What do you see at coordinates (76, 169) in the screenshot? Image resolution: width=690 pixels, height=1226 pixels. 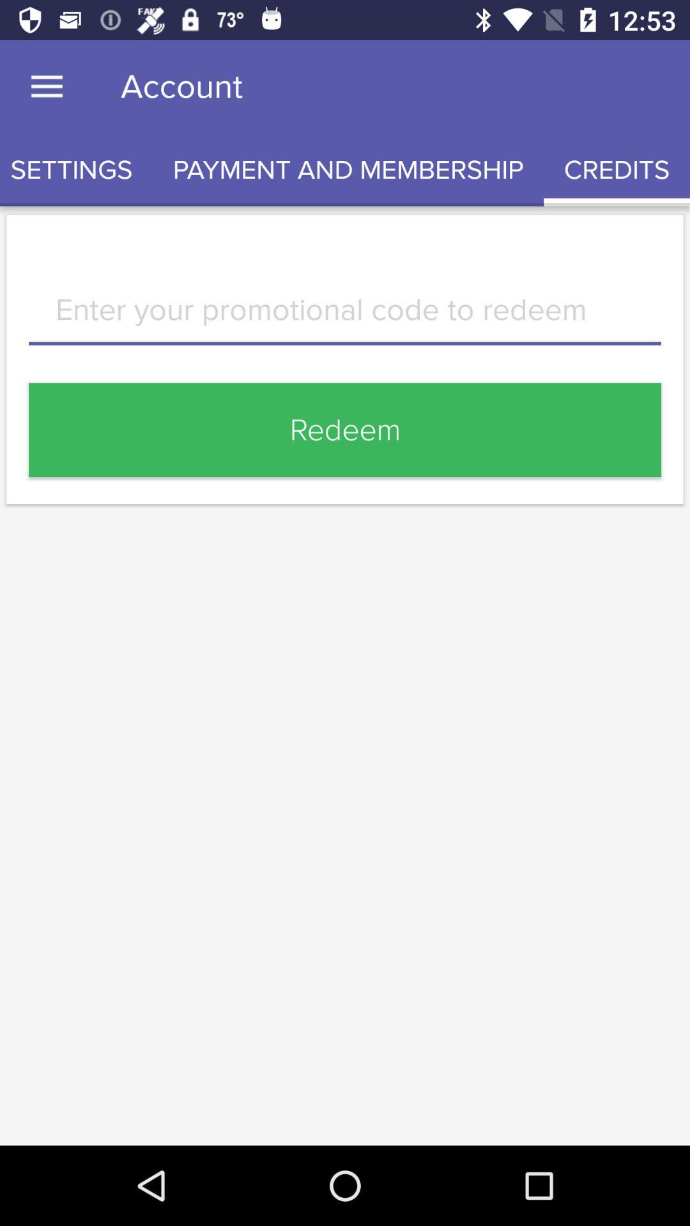 I see `the settings item` at bounding box center [76, 169].